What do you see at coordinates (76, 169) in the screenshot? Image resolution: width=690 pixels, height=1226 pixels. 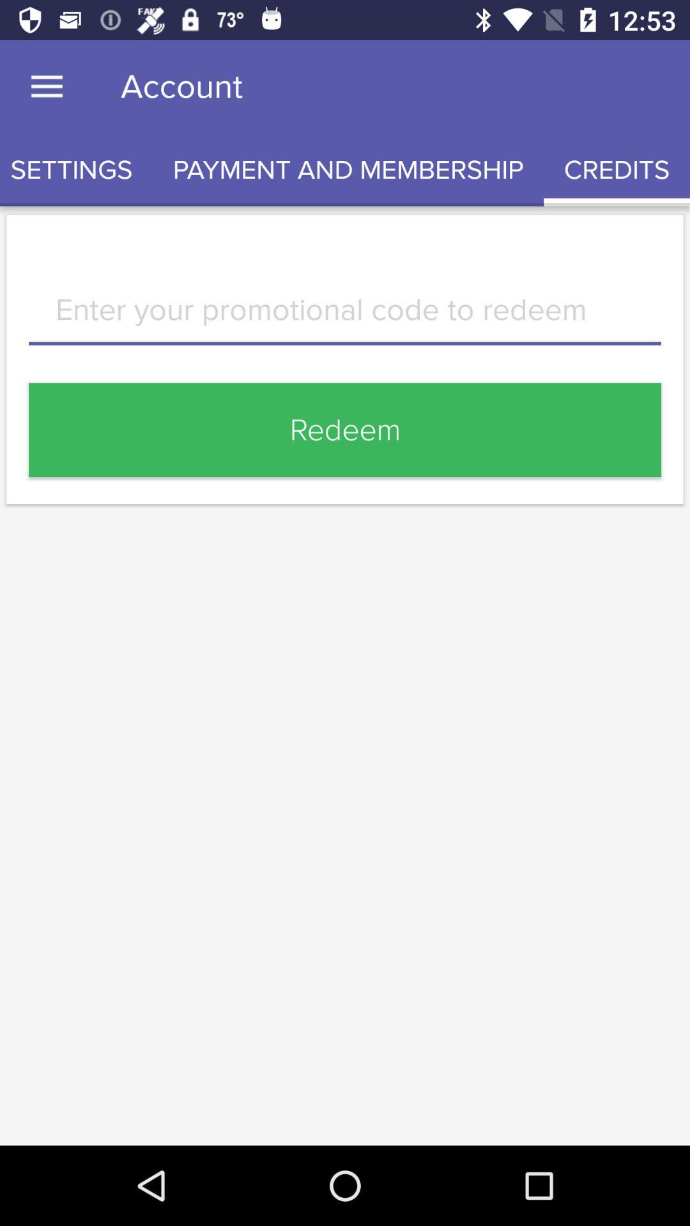 I see `the settings item` at bounding box center [76, 169].